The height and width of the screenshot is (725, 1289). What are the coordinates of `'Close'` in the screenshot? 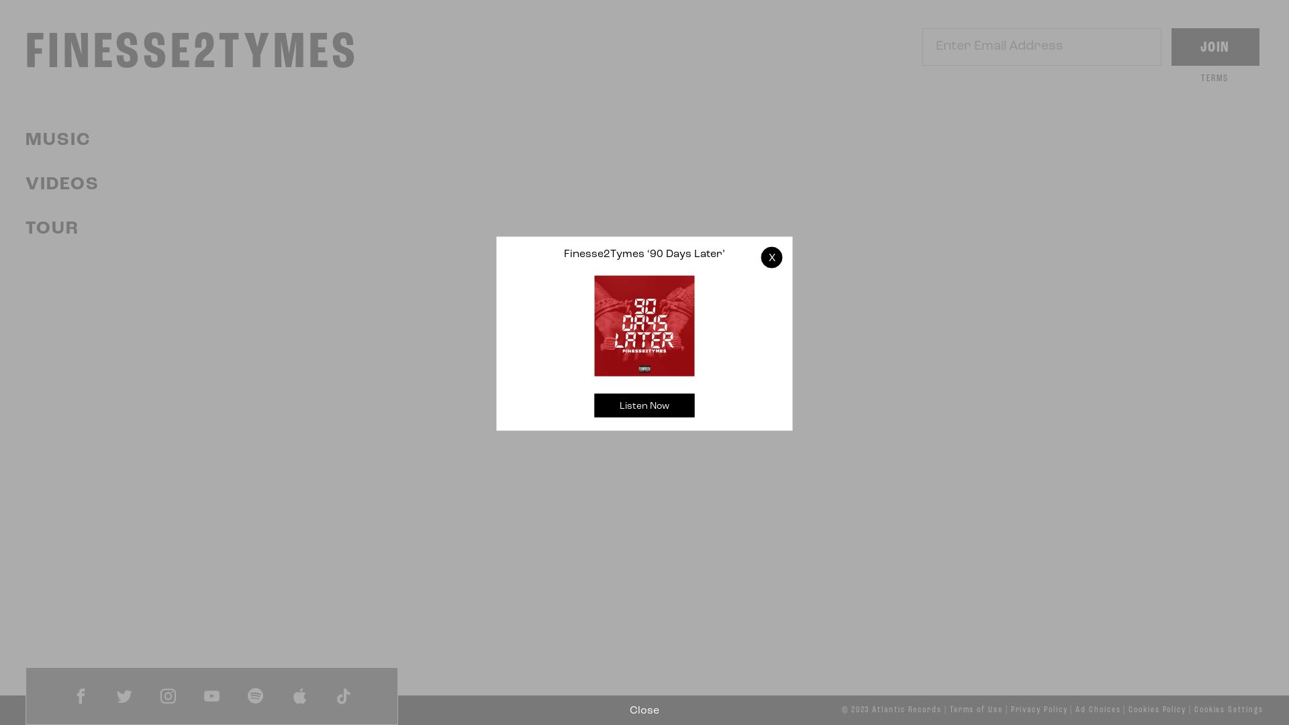 It's located at (644, 710).